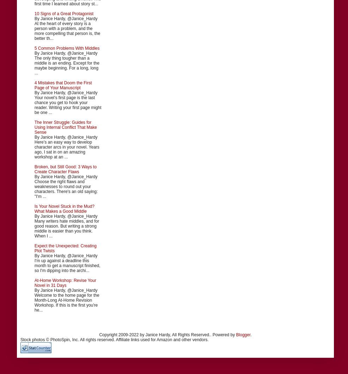 The width and height of the screenshot is (348, 374). What do you see at coordinates (98, 334) in the screenshot?
I see `'Copyright 2009-2022 by Janice Hardy, All Rights Reserved.. Powered by'` at bounding box center [98, 334].